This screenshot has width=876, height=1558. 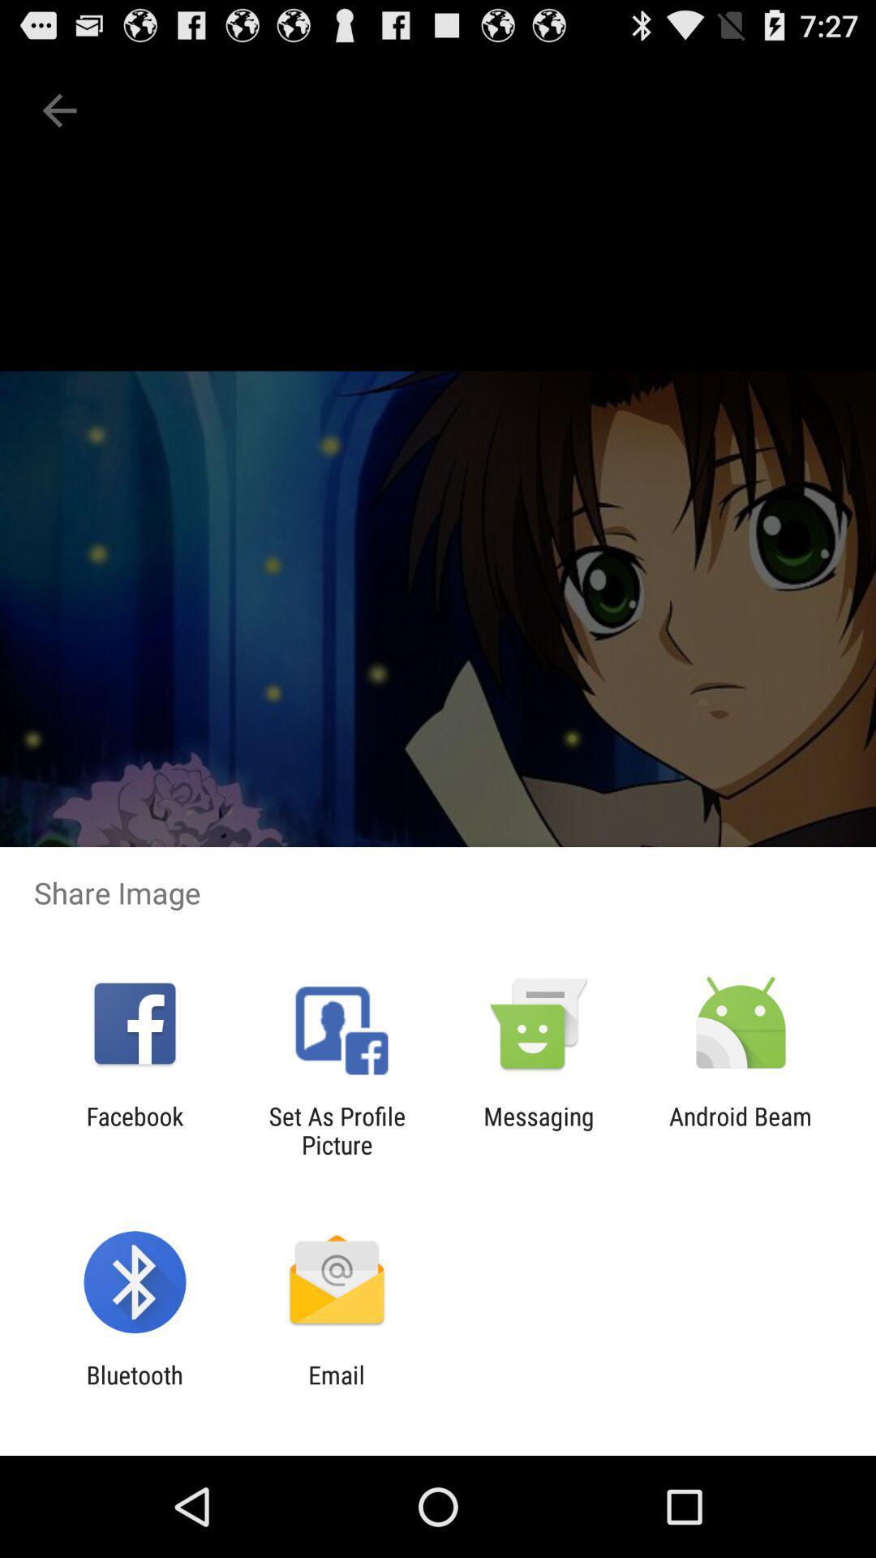 I want to click on icon next to messaging icon, so click(x=741, y=1130).